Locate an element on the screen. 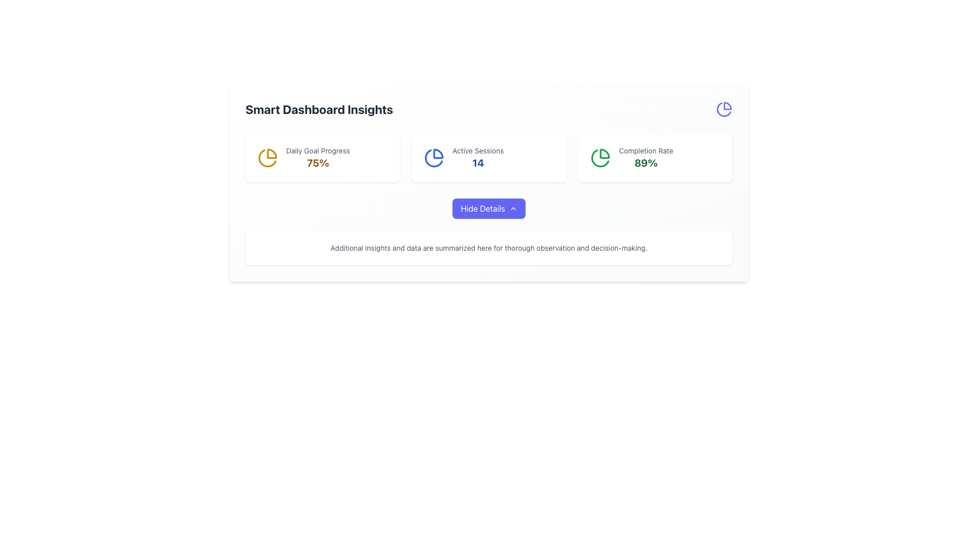  the second segment of the pie chart icon representing '89%' for the 'Completion Rate', located within the 'Completion Rate' card is located at coordinates (600, 158).